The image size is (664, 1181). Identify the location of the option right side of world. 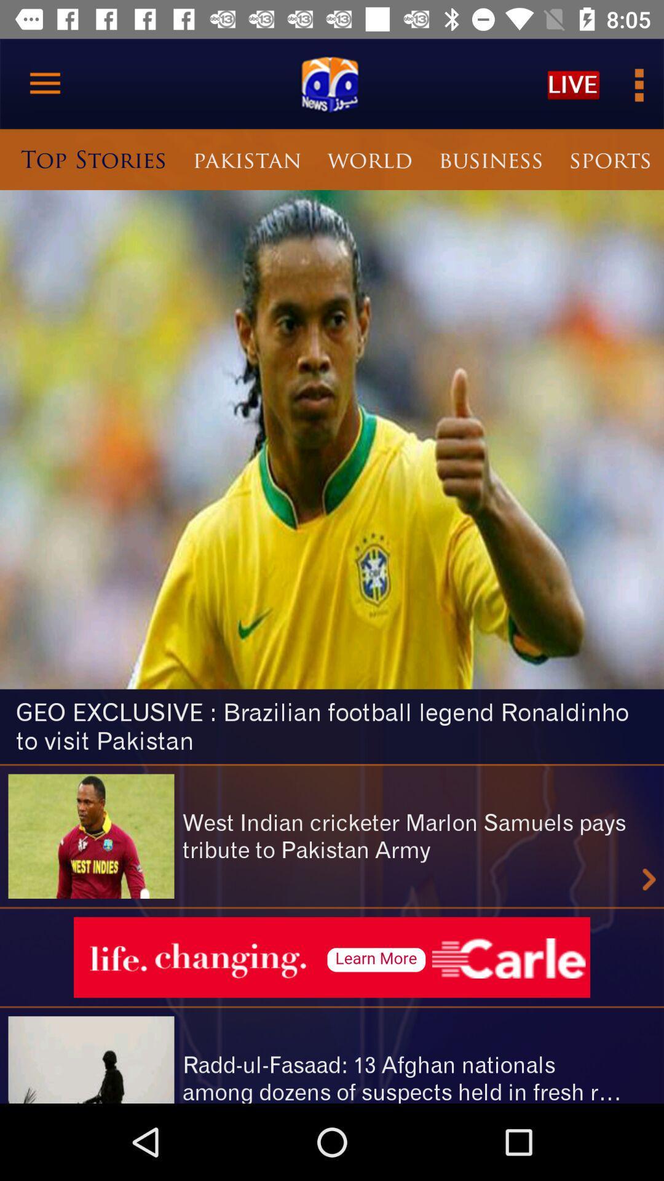
(490, 159).